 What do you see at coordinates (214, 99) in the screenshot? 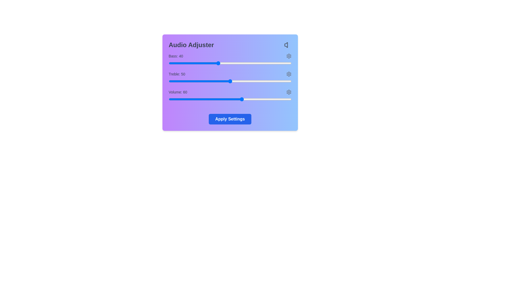
I see `the volume` at bounding box center [214, 99].